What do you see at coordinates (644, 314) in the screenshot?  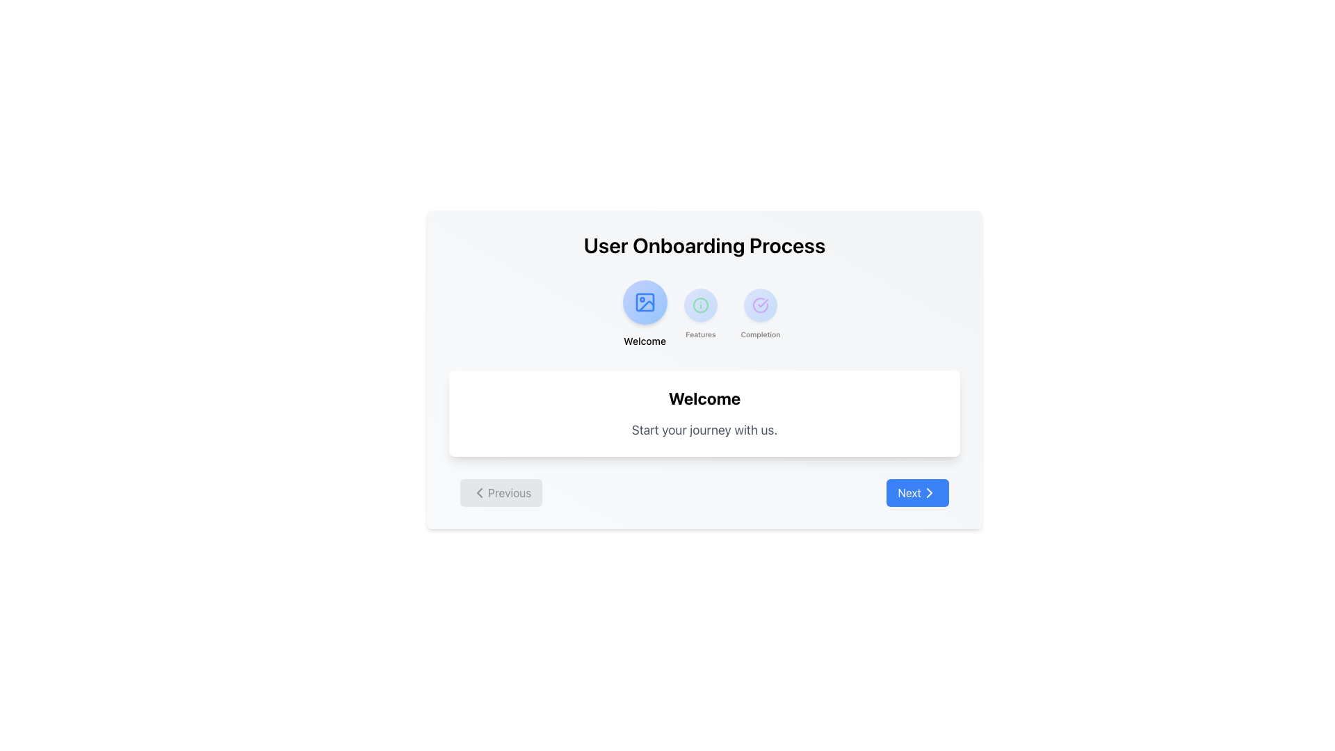 I see `the Clickable Navigation Item labeled 'Welcome'` at bounding box center [644, 314].